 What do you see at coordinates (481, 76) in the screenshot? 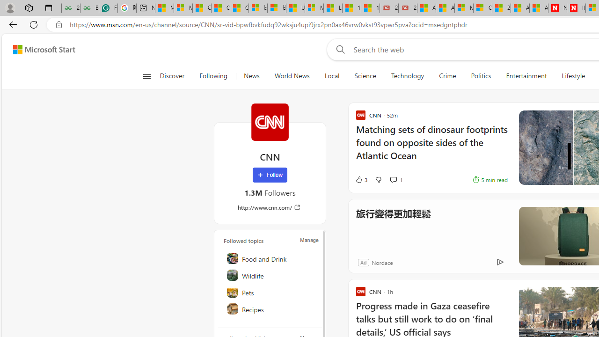
I see `'Politics'` at bounding box center [481, 76].